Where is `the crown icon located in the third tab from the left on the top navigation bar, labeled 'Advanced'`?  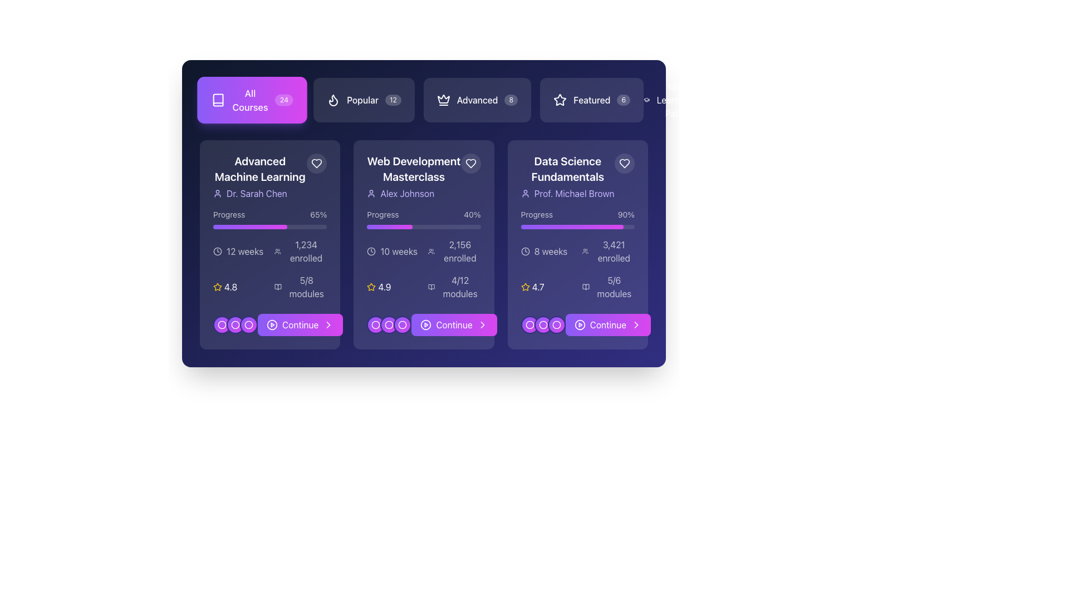
the crown icon located in the third tab from the left on the top navigation bar, labeled 'Advanced' is located at coordinates (443, 100).